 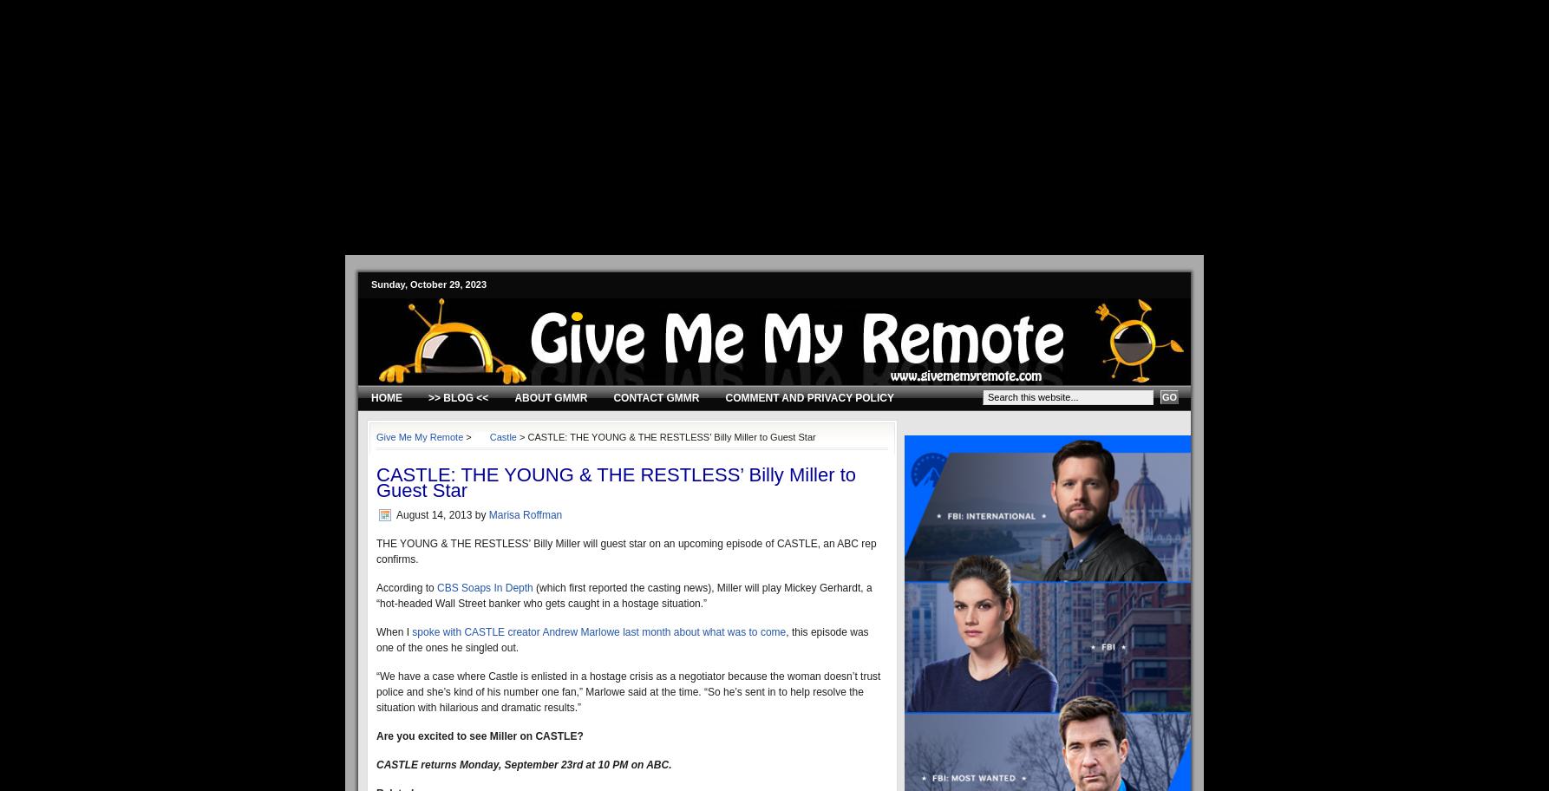 What do you see at coordinates (393, 631) in the screenshot?
I see `'When I'` at bounding box center [393, 631].